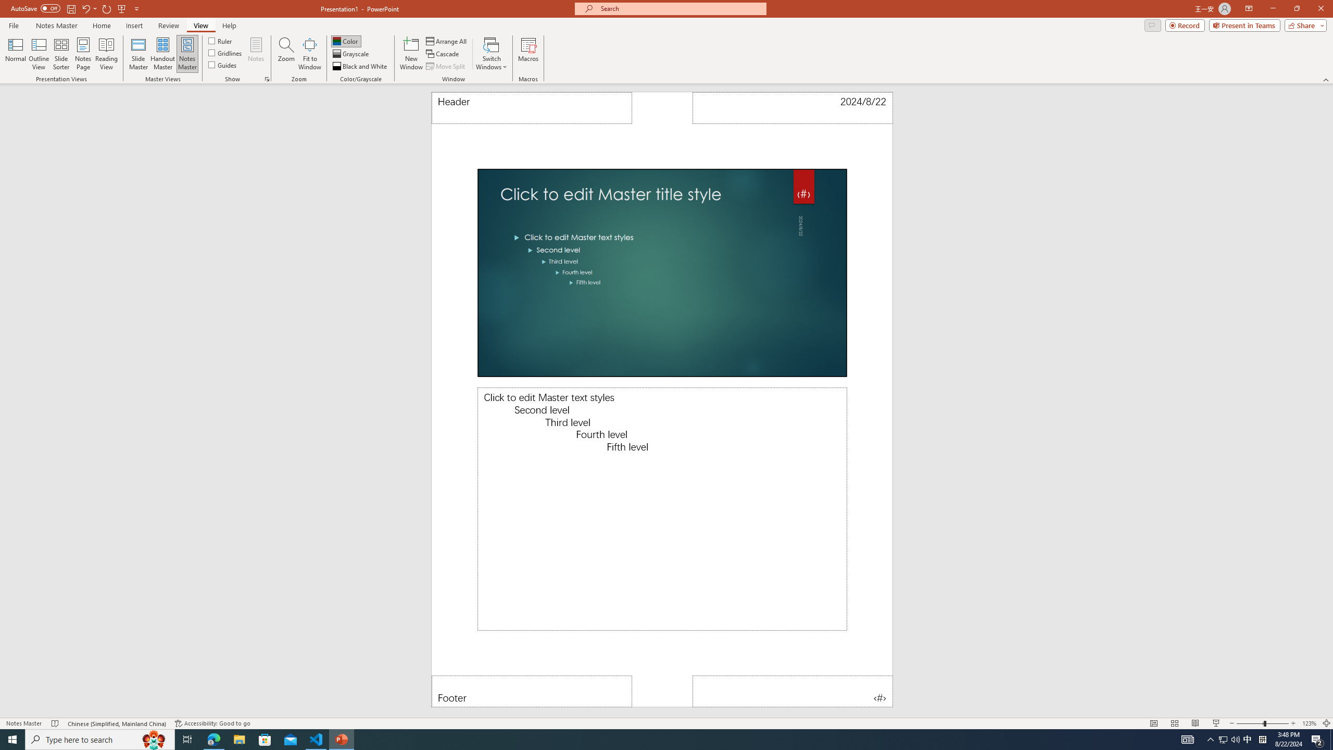 The height and width of the screenshot is (750, 1333). What do you see at coordinates (443, 54) in the screenshot?
I see `'Cascade'` at bounding box center [443, 54].